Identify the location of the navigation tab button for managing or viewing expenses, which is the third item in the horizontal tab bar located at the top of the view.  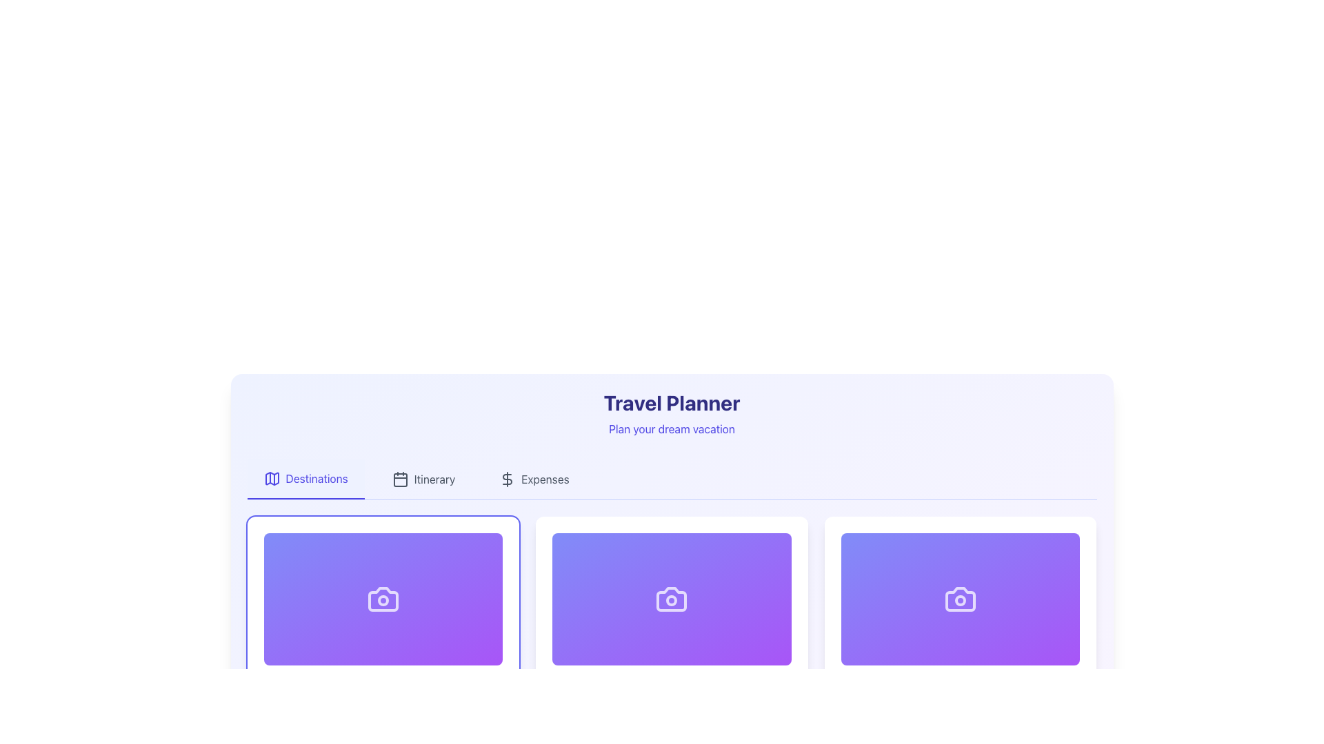
(533, 478).